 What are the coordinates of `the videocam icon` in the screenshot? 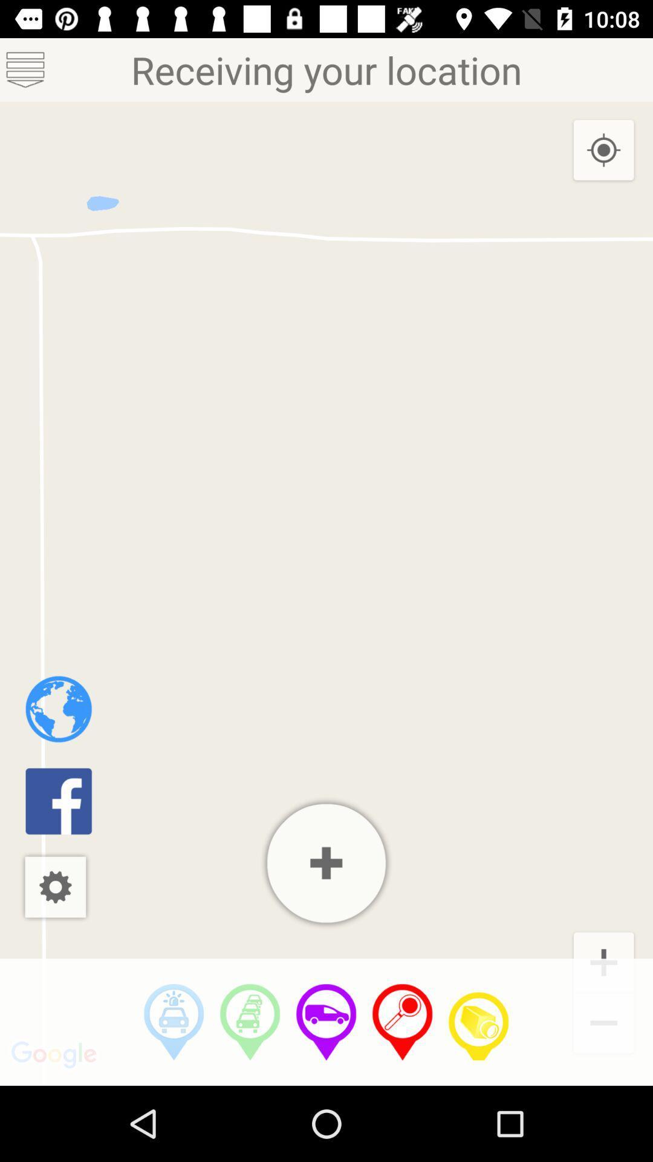 It's located at (174, 1022).